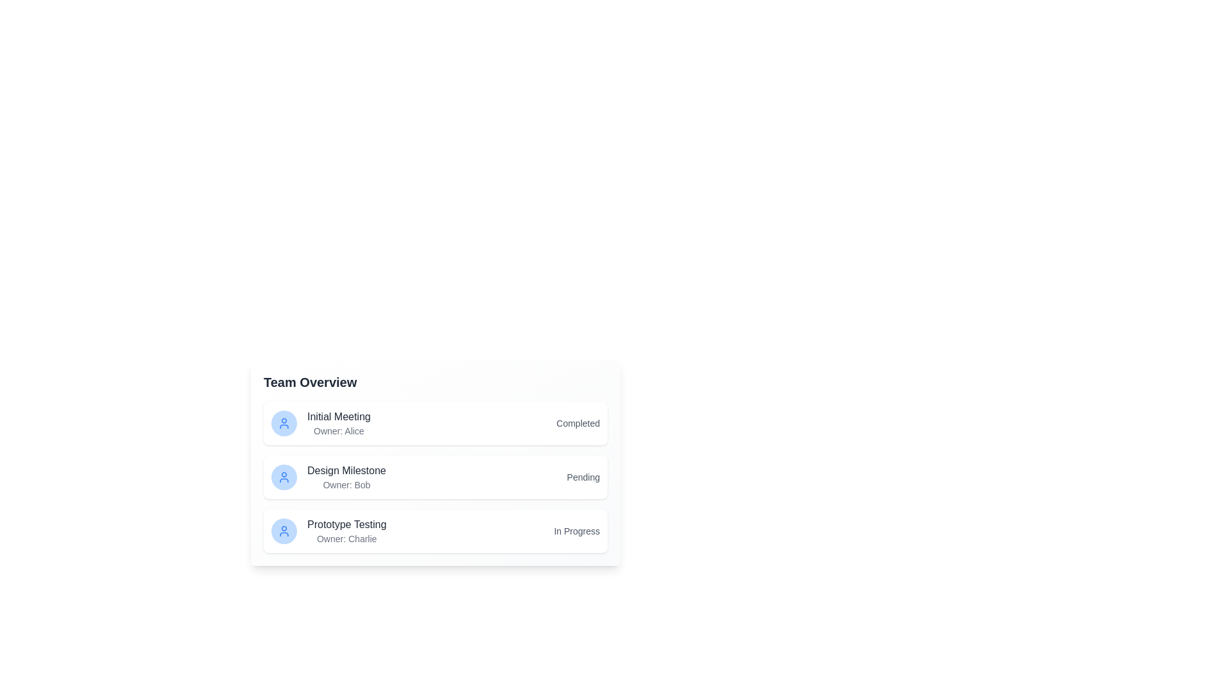 The height and width of the screenshot is (693, 1232). I want to click on information displayed in the text label representing the title and owner of a meeting or task, located at the top-left of the list interface, so click(321, 423).